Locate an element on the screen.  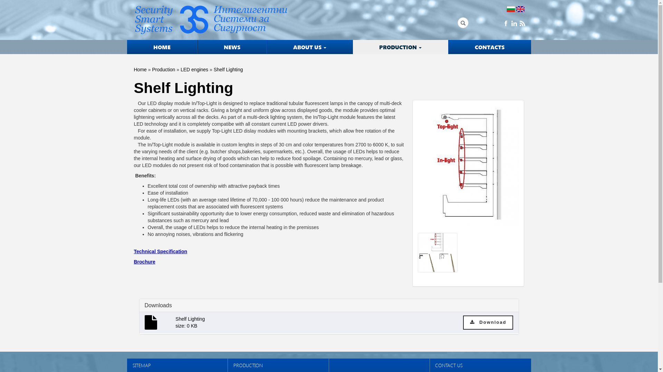
'CONTACTS' is located at coordinates (489, 46).